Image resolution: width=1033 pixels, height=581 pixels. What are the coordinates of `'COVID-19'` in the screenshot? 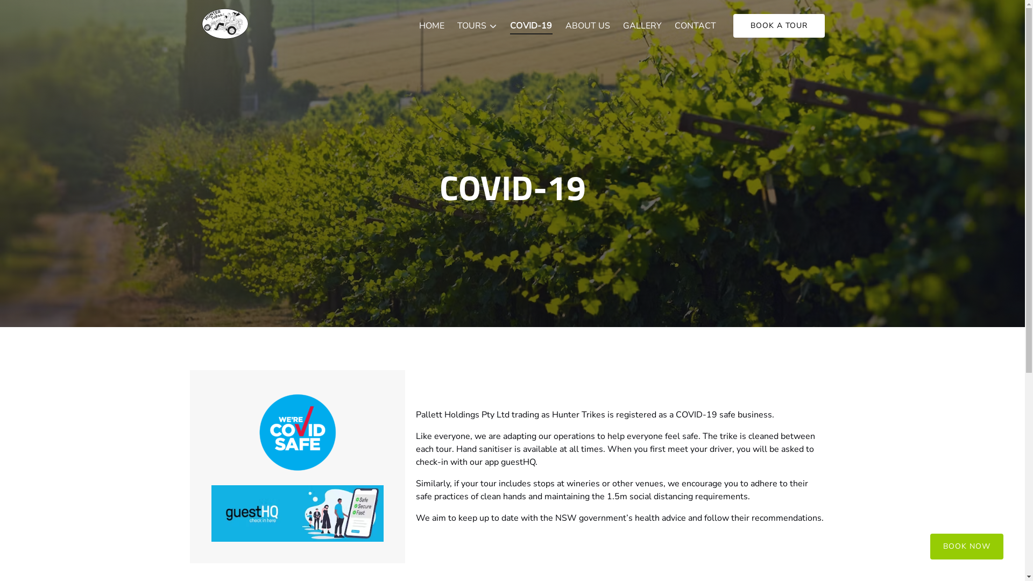 It's located at (531, 25).